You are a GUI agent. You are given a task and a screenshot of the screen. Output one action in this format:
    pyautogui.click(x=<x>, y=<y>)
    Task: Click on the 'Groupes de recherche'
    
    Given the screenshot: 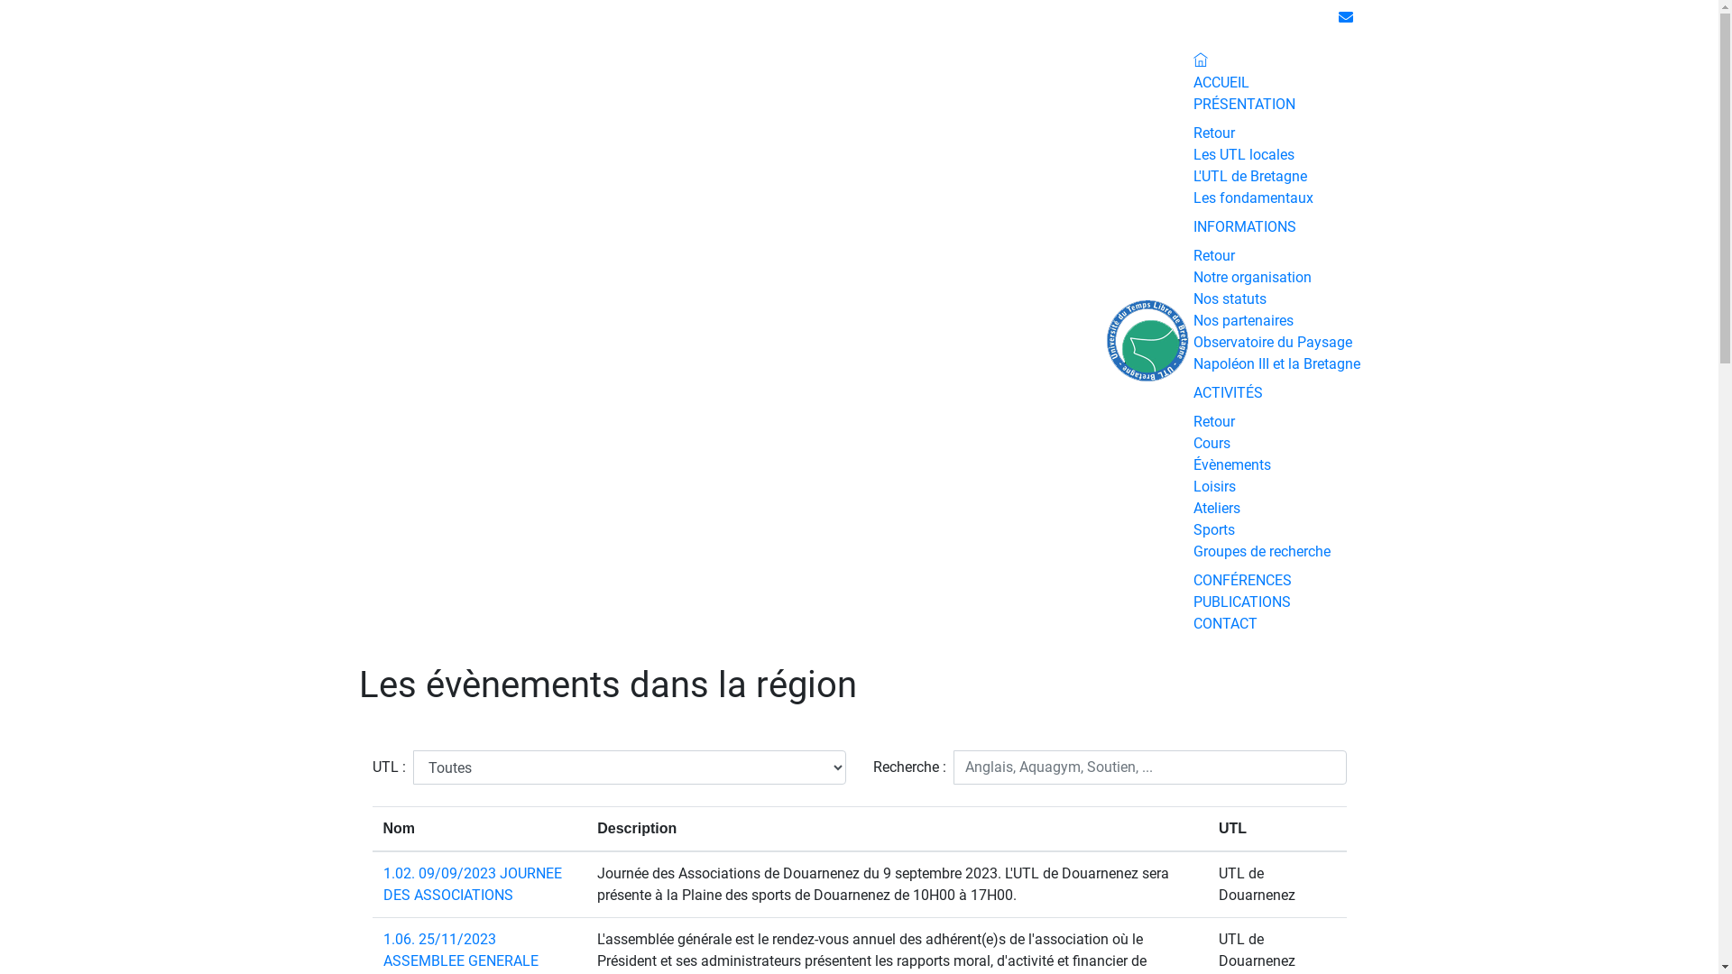 What is the action you would take?
    pyautogui.click(x=1192, y=550)
    